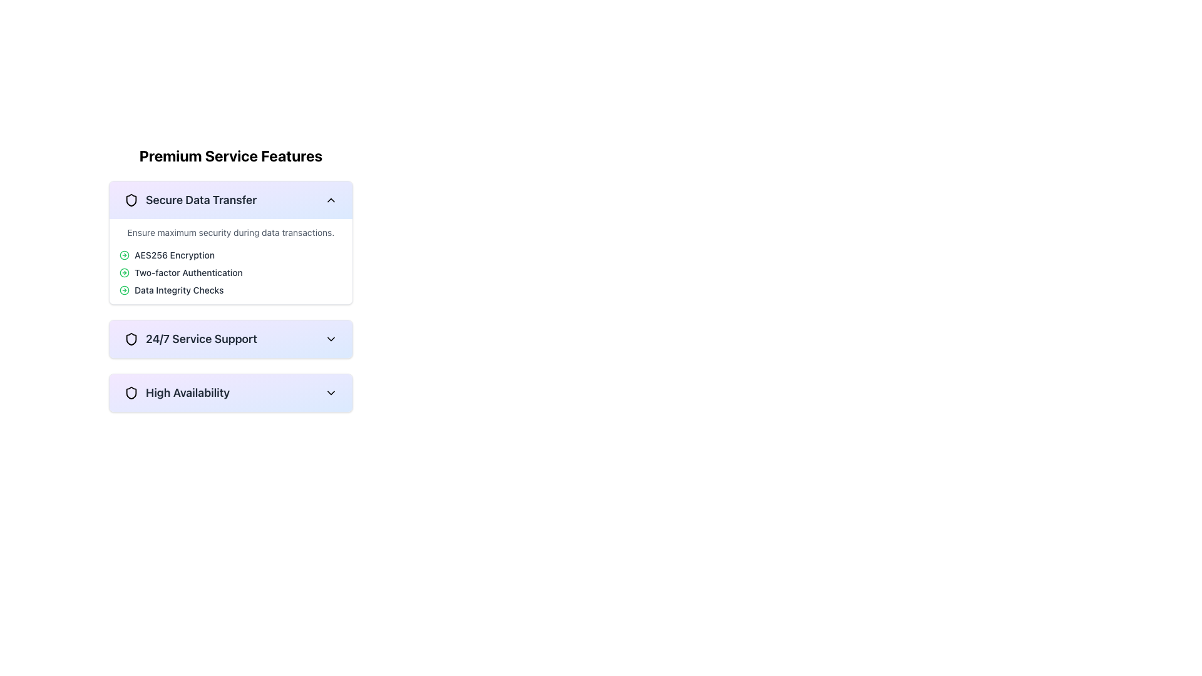  I want to click on the 'AES256 Encryption' text label located within the 'Secure Data Transfer' section, which describes a feature of the service offering, so click(173, 255).